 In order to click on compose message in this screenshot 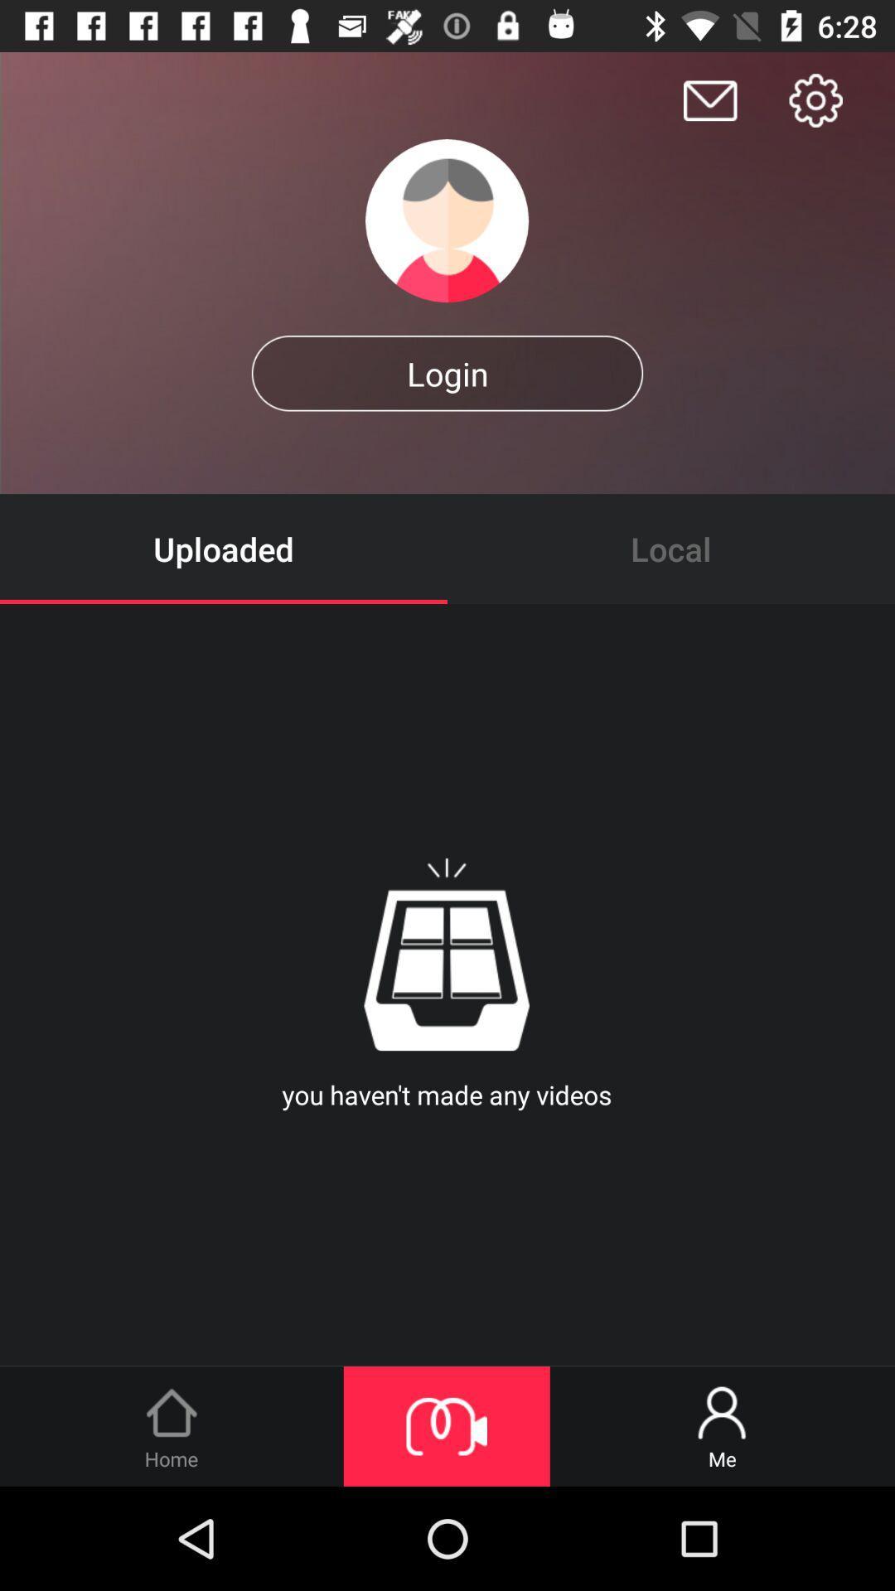, I will do `click(709, 99)`.